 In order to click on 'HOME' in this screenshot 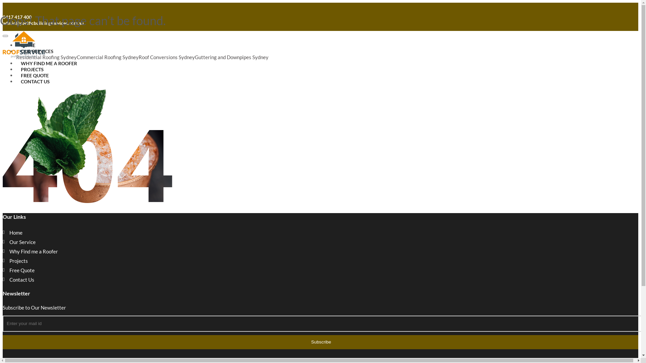, I will do `click(28, 45)`.